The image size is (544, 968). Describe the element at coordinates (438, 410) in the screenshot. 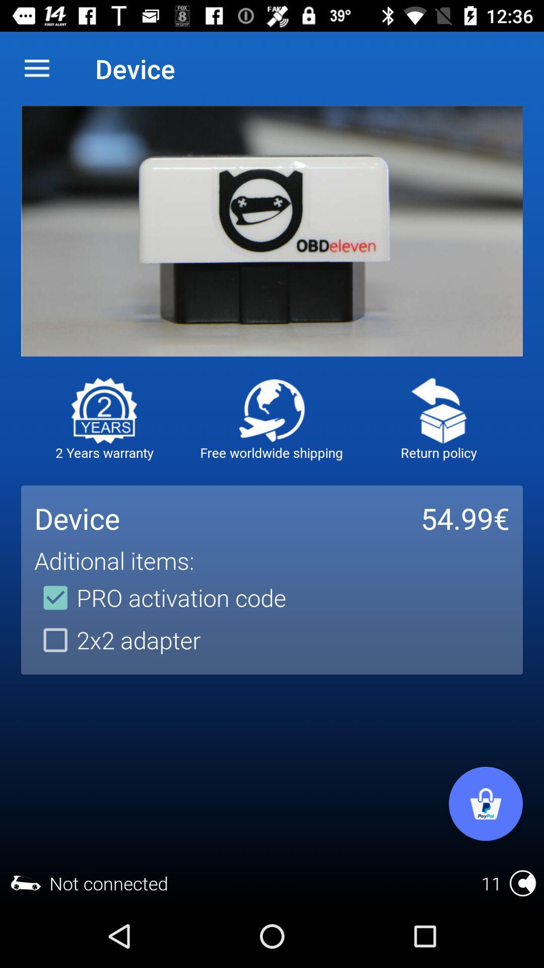

I see `click here to check return policy of the product you are buying` at that location.